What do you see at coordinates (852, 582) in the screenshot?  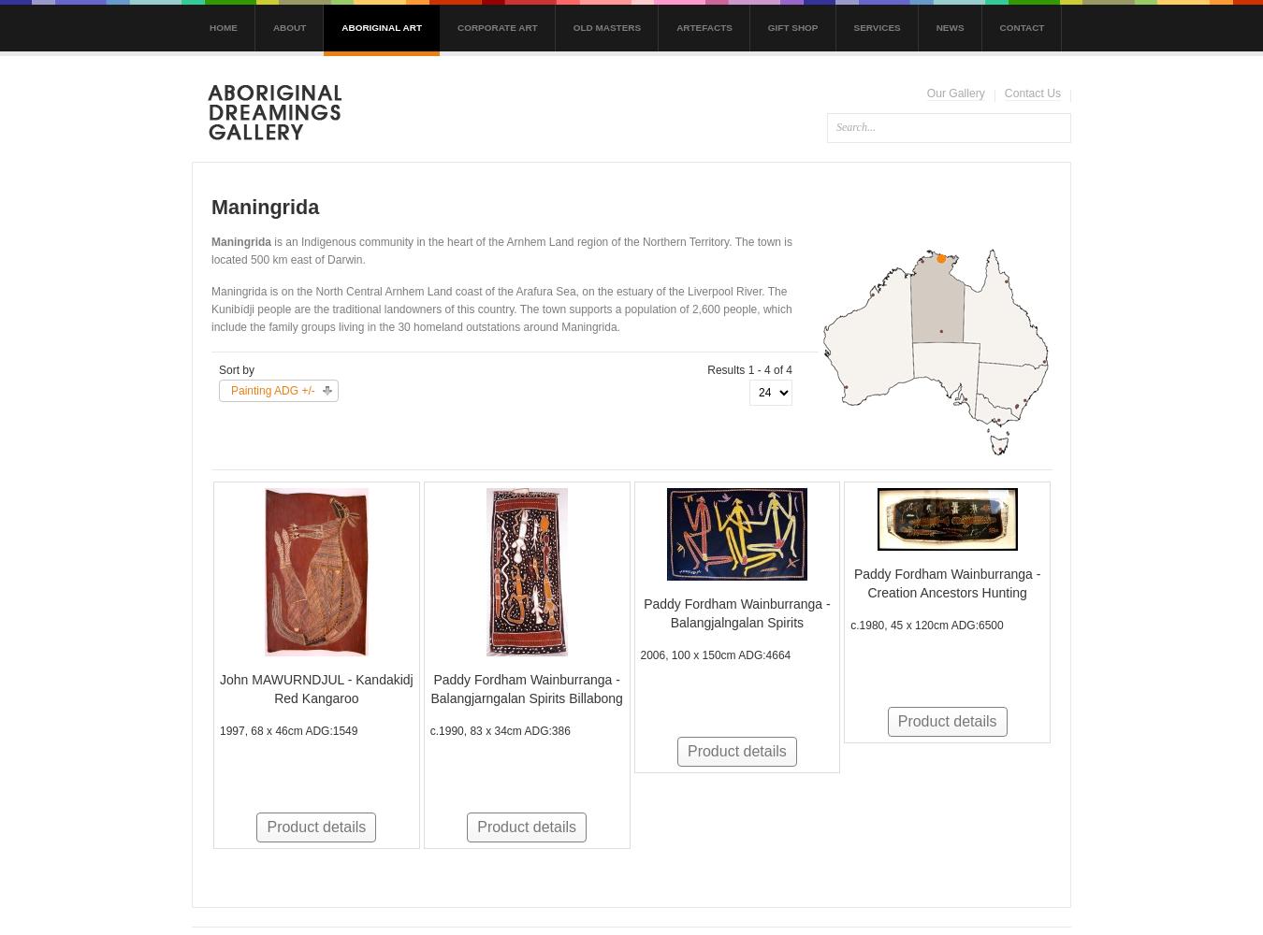 I see `'Paddy Fordham Wainburranga - Creation Ancestors Hunting'` at bounding box center [852, 582].